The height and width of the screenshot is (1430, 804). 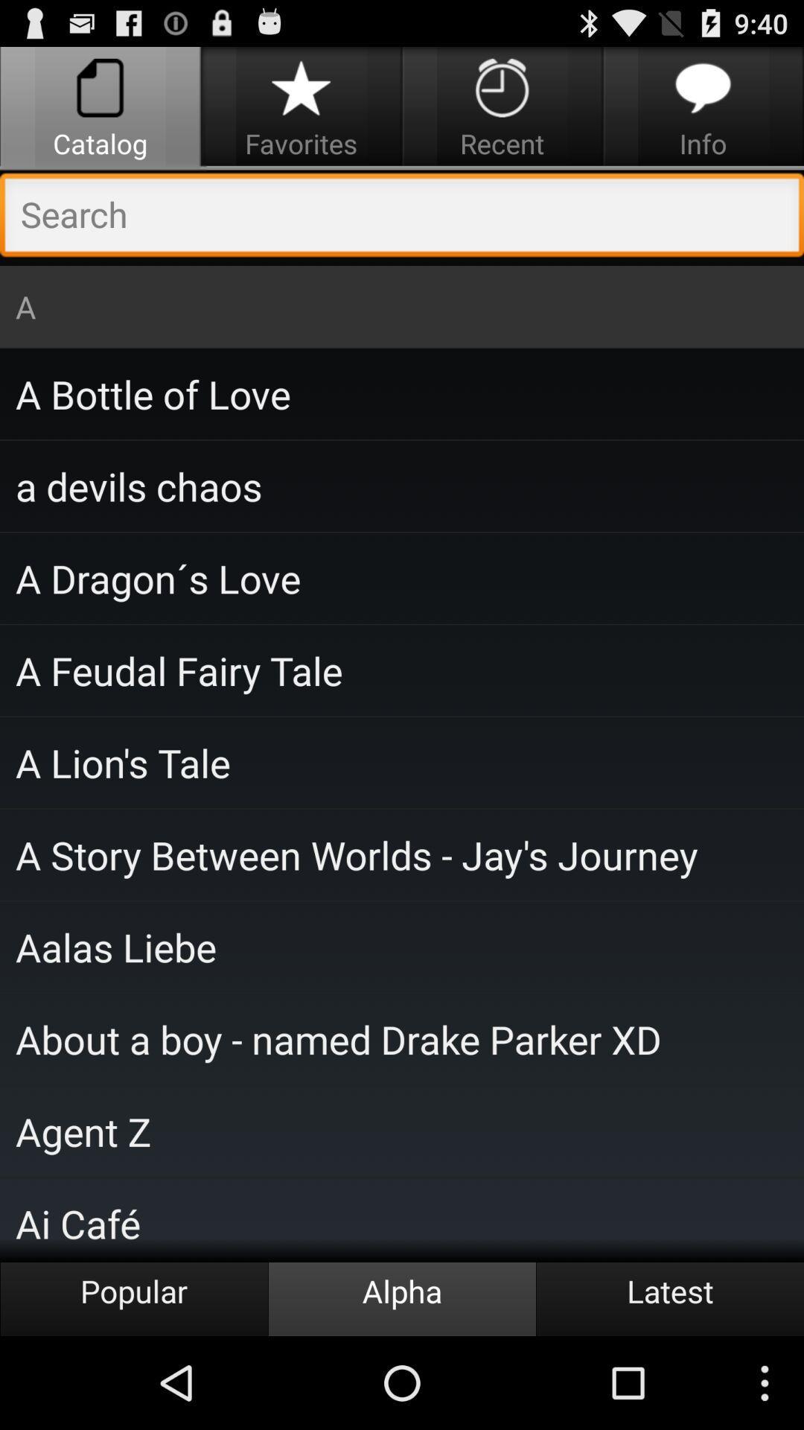 I want to click on agent z icon, so click(x=402, y=1131).